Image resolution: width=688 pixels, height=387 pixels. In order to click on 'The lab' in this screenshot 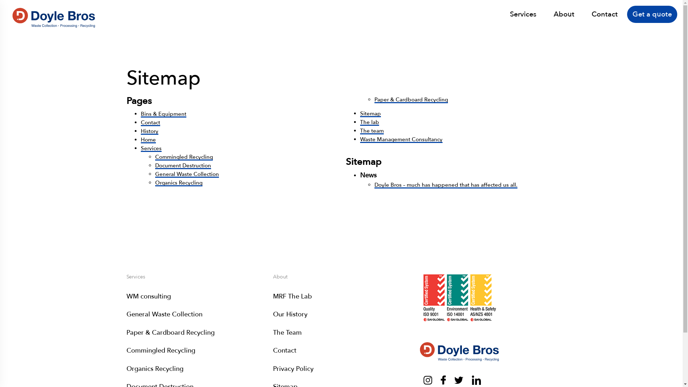, I will do `click(369, 121)`.